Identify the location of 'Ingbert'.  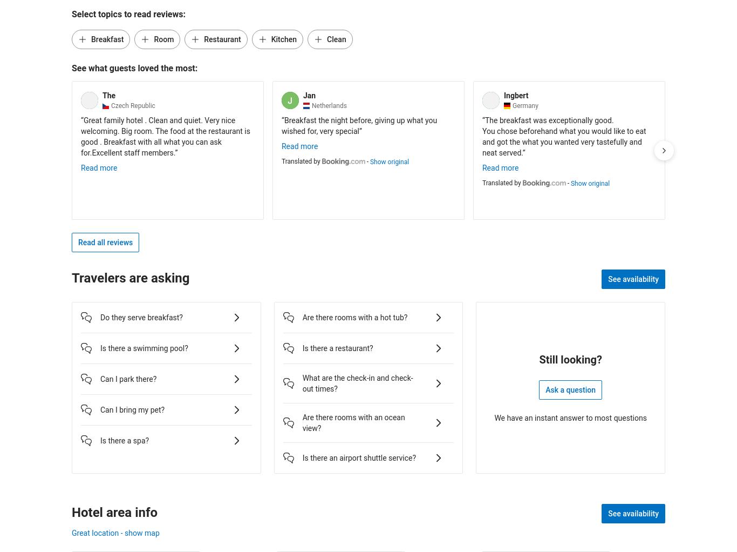
(516, 94).